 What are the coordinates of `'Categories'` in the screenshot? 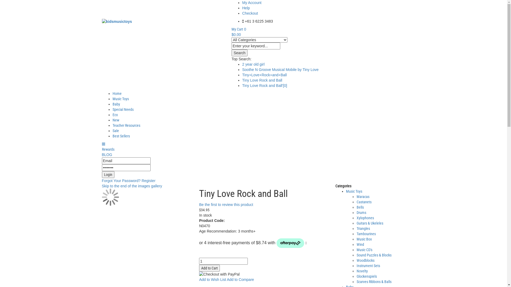 It's located at (102, 144).